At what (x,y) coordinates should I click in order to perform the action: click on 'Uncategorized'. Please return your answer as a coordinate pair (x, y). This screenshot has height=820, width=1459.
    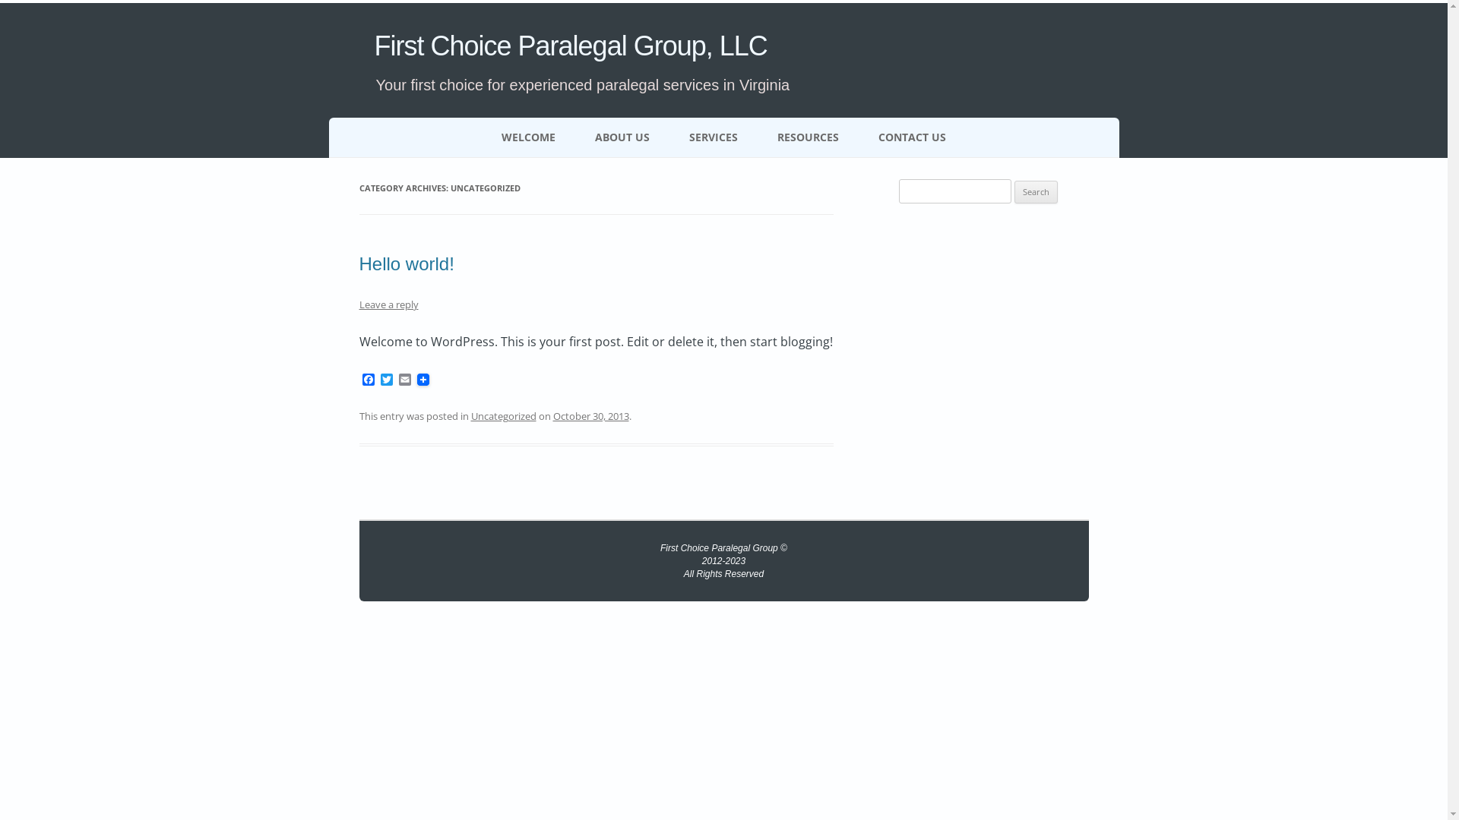
    Looking at the image, I should click on (503, 415).